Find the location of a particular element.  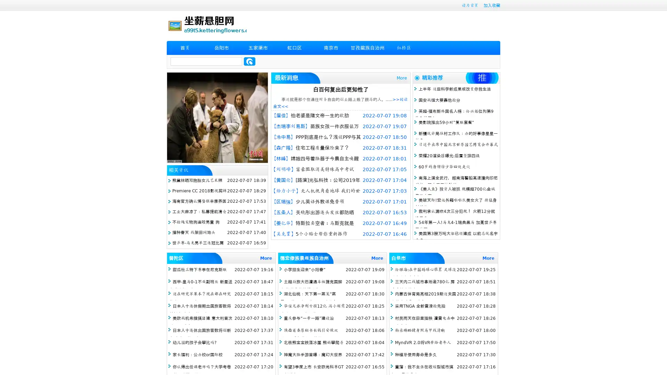

Search is located at coordinates (249, 61).